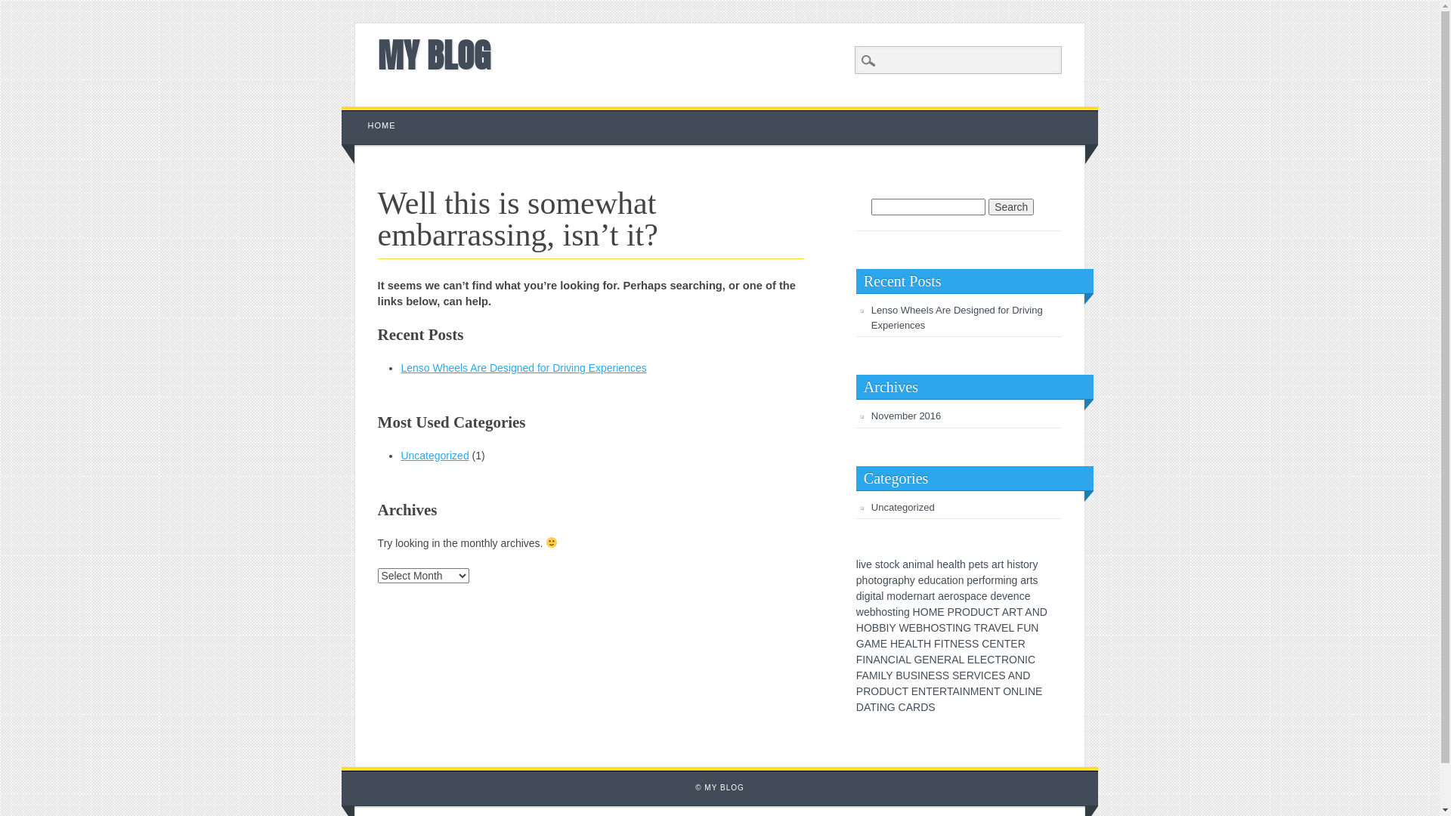 This screenshot has width=1451, height=816. I want to click on 'p', so click(965, 579).